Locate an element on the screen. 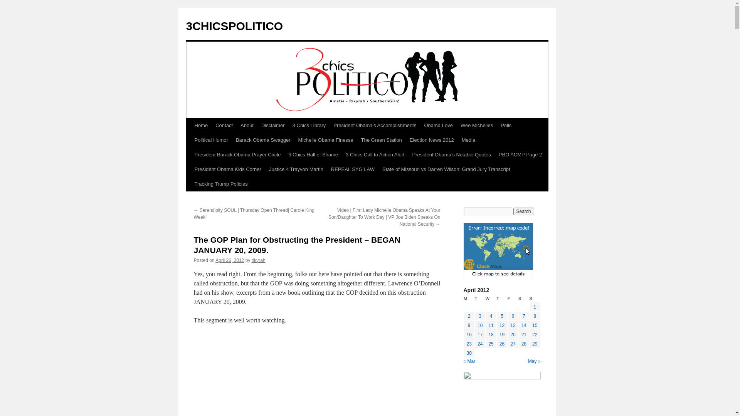 This screenshot has width=740, height=416. 'Tracking Trump Policies' is located at coordinates (220, 184).